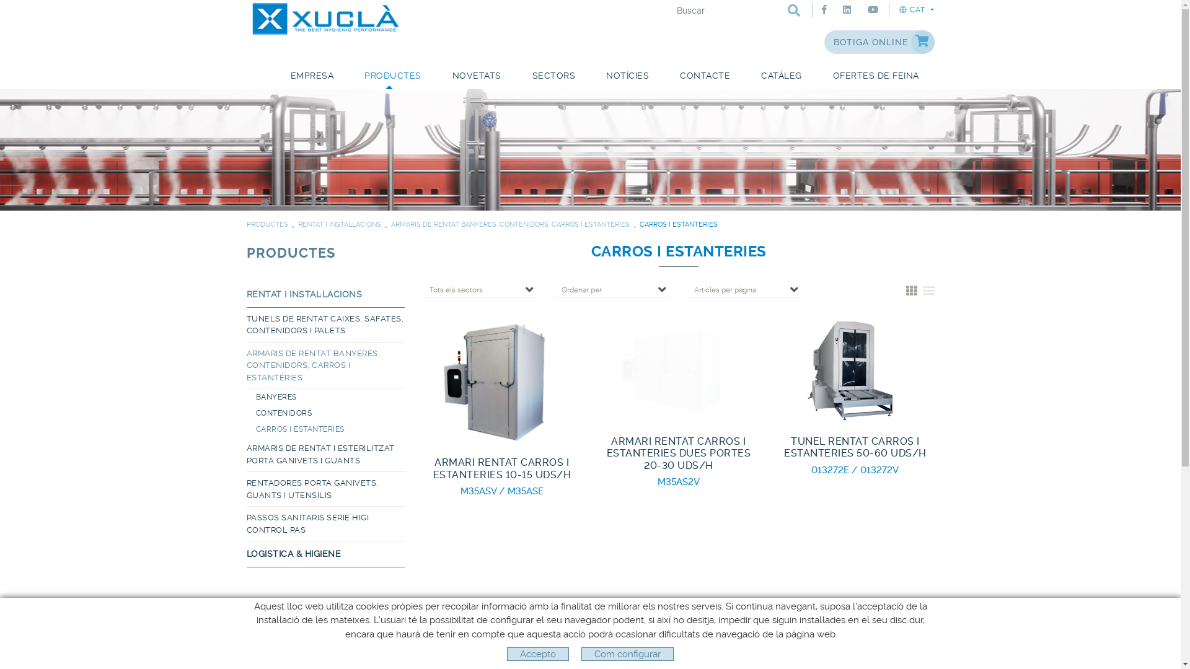 This screenshot has height=669, width=1190. I want to click on 'RENTADORES PORTA GANIVETS, GUANTS I UTENSILIS', so click(325, 489).